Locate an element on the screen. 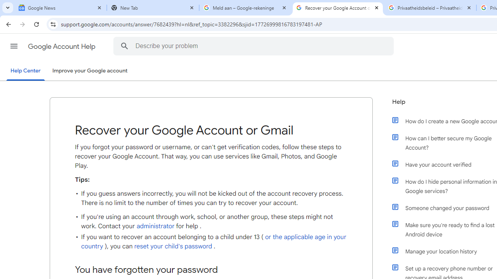  'Describe your problem' is located at coordinates (255, 46).